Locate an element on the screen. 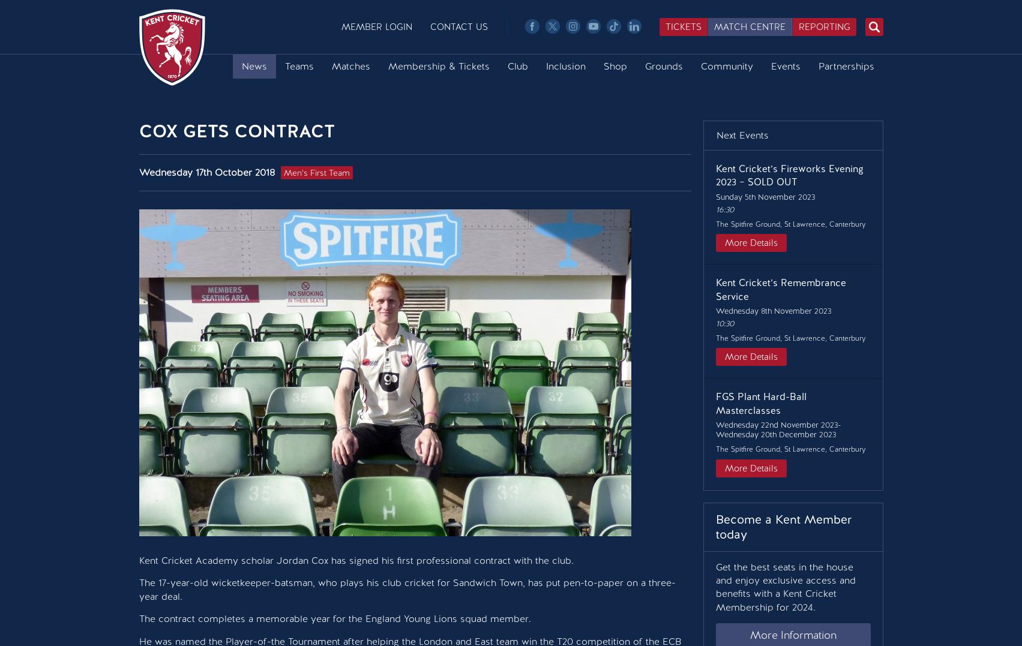 Image resolution: width=1022 pixels, height=646 pixels. 'Schools' is located at coordinates (733, 190).